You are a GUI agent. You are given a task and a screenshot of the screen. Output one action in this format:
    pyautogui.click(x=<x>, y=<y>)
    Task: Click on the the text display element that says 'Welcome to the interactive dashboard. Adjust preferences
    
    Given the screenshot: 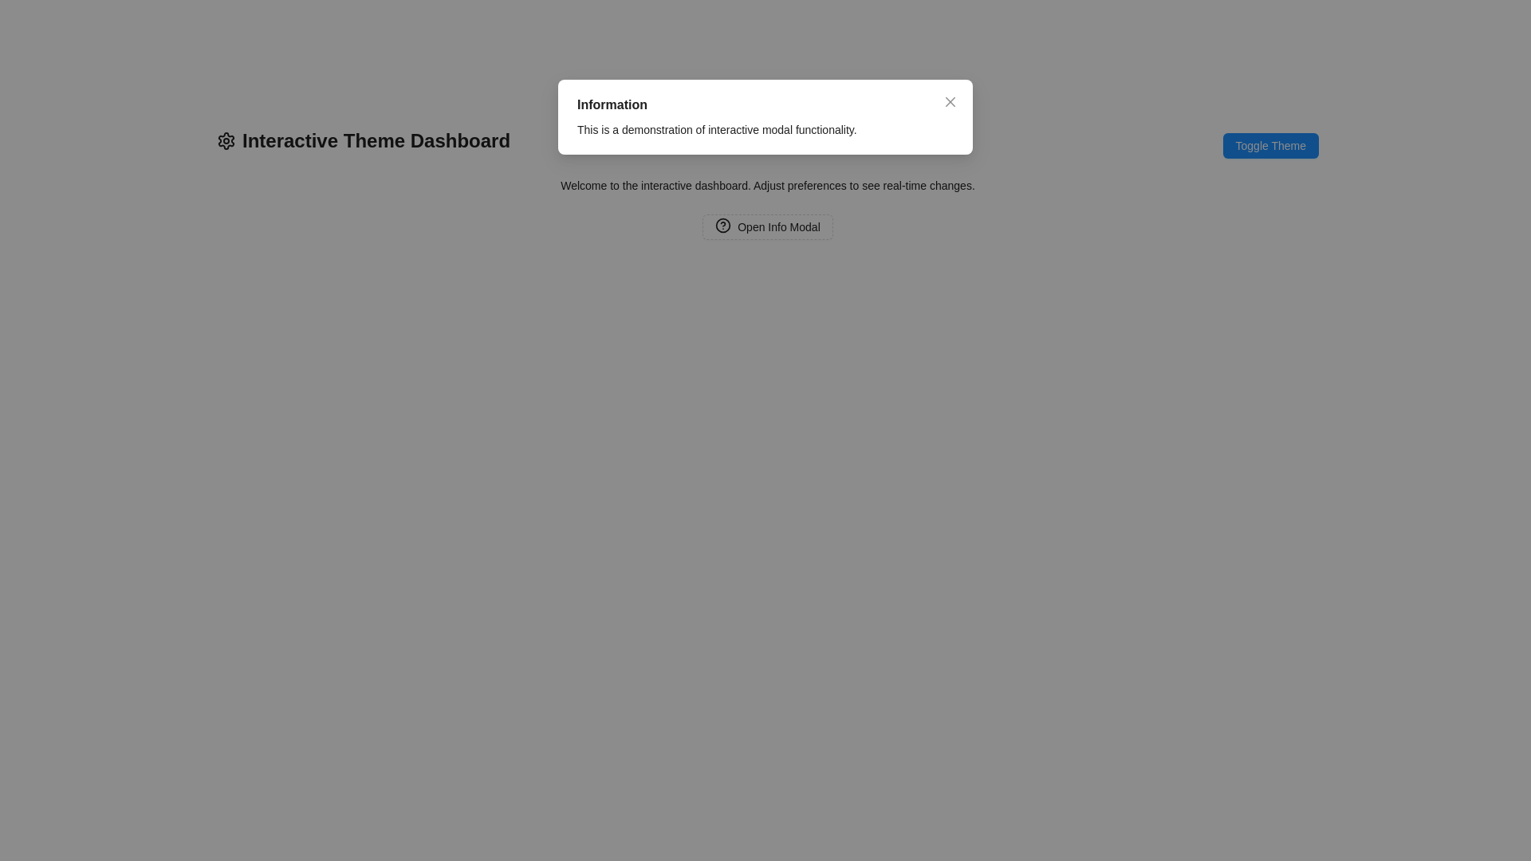 What is the action you would take?
    pyautogui.click(x=768, y=184)
    